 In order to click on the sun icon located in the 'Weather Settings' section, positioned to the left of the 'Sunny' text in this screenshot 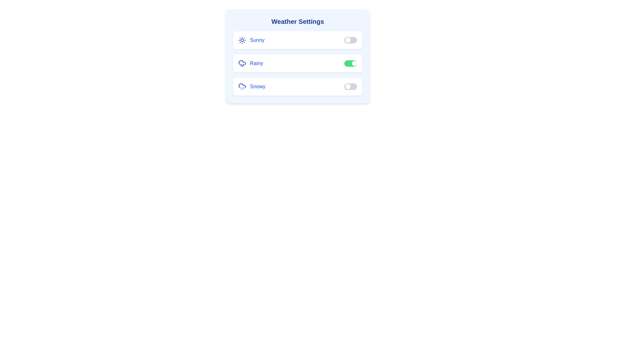, I will do `click(242, 40)`.